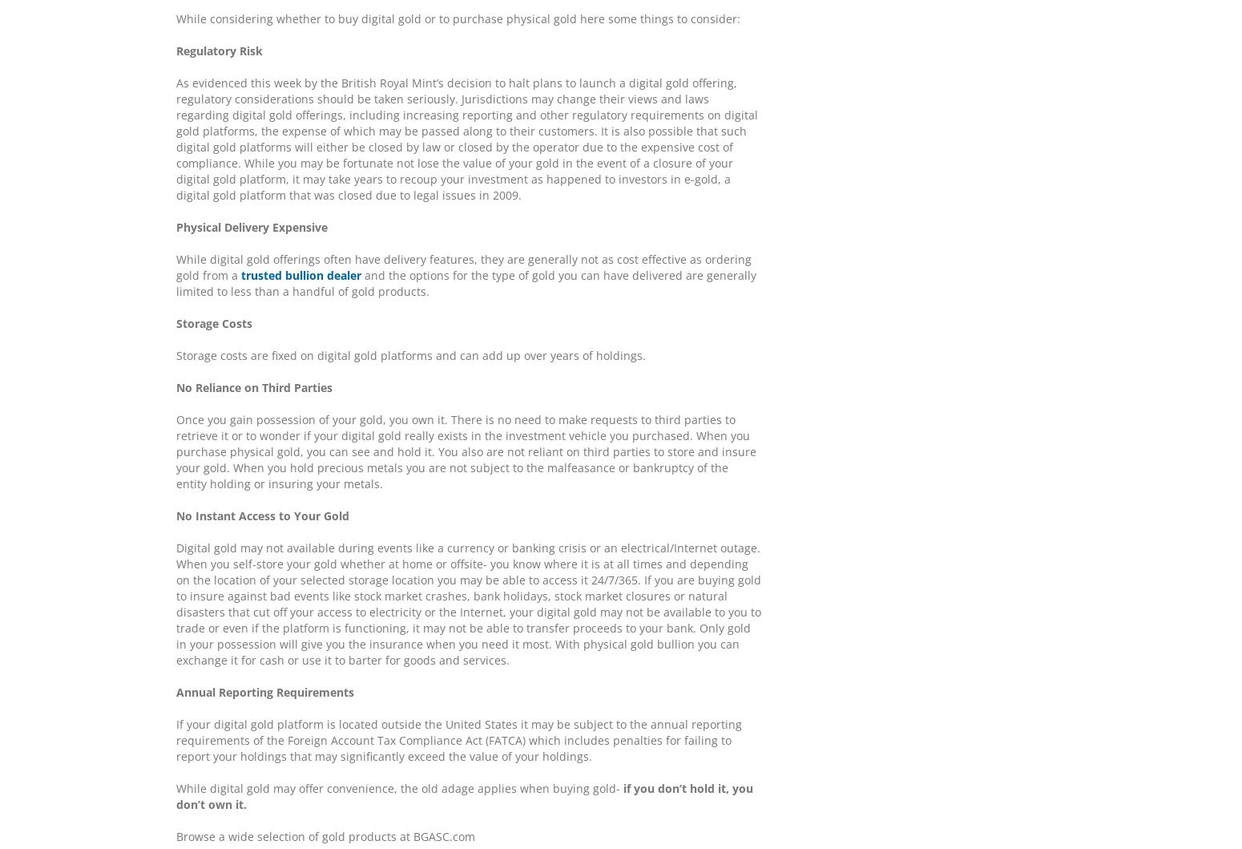 This screenshot has width=1242, height=849. What do you see at coordinates (214, 322) in the screenshot?
I see `'Storage Costs'` at bounding box center [214, 322].